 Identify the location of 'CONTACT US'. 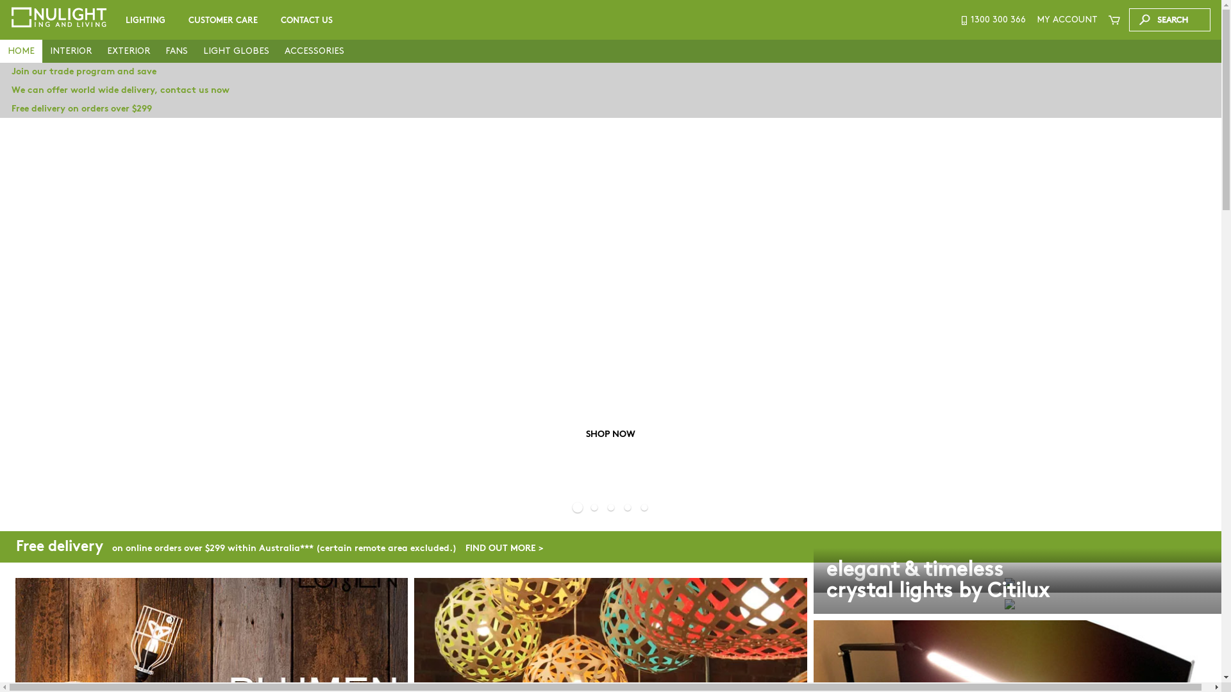
(306, 20).